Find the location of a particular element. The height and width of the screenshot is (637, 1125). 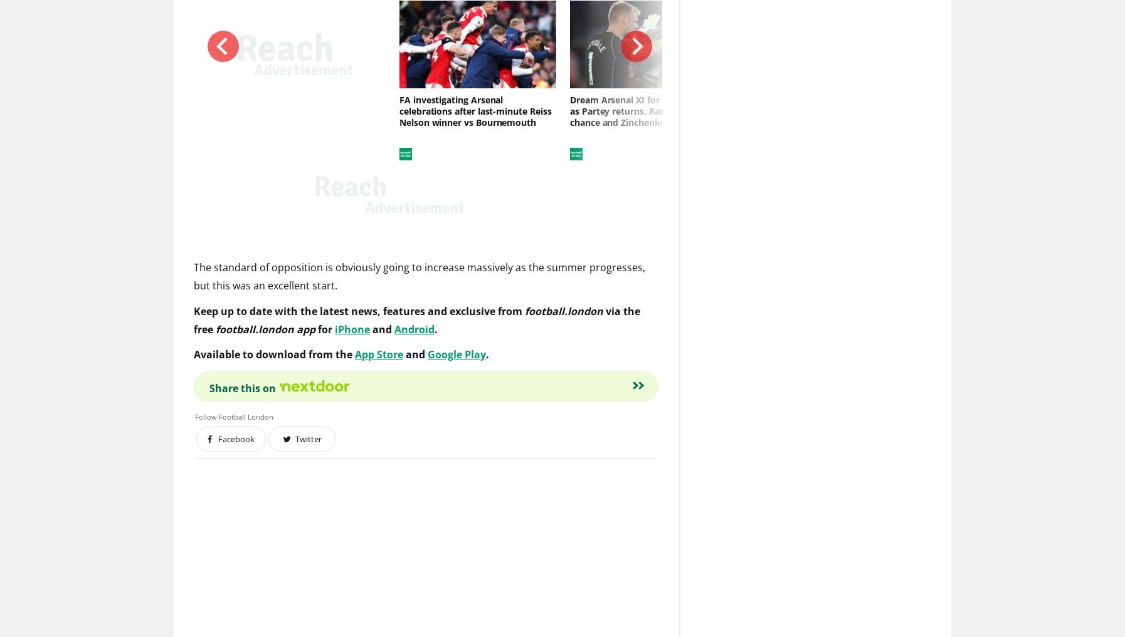

'for' is located at coordinates (326, 331).